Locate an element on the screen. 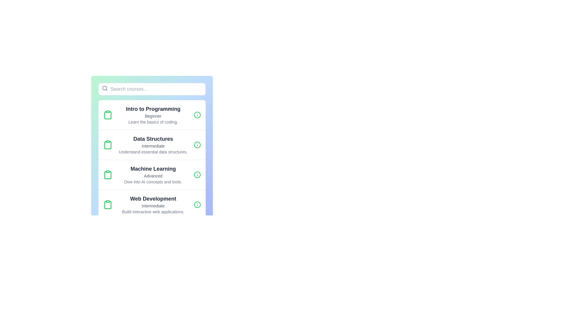 Image resolution: width=569 pixels, height=320 pixels. the 'Machine Learning' icon, which is represented by a clipboard symbol and is located at the top-left side of the entry in the list is located at coordinates (108, 175).